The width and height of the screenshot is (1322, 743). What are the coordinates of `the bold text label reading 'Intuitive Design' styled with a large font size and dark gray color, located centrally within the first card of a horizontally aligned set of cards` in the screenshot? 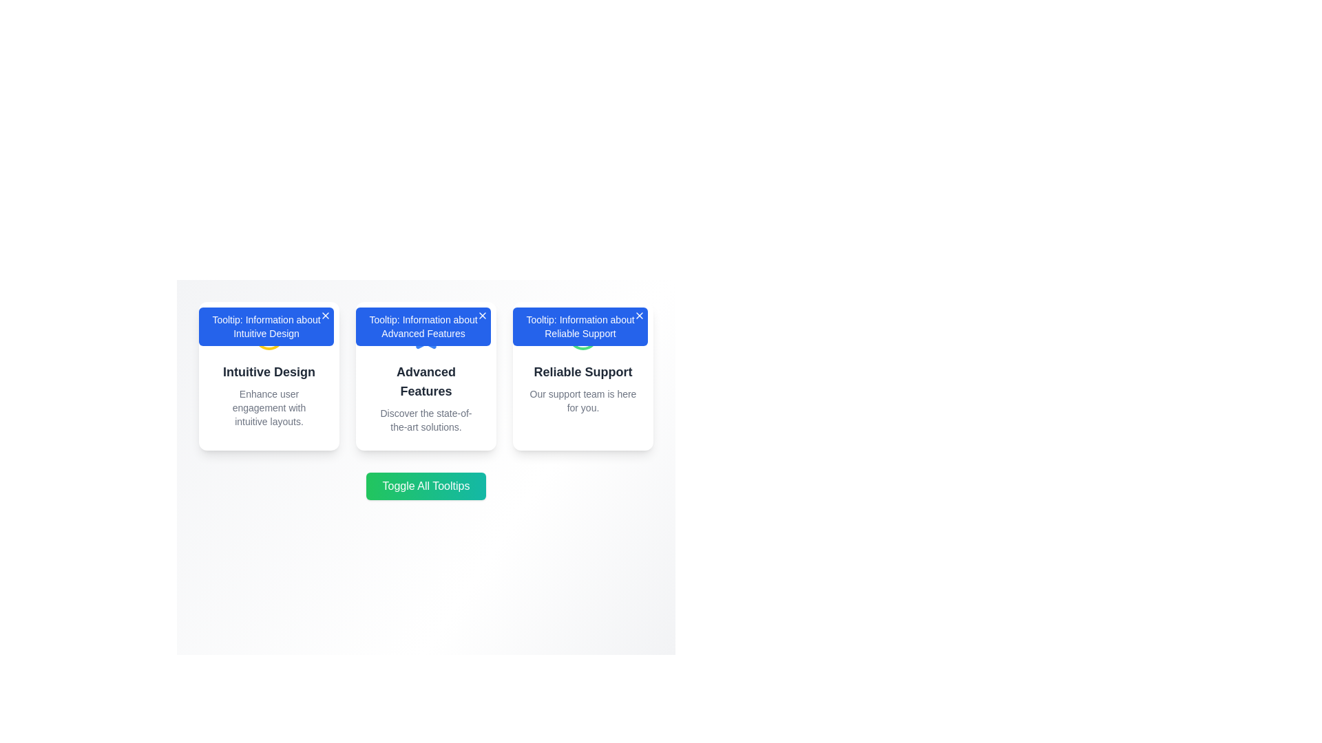 It's located at (269, 371).